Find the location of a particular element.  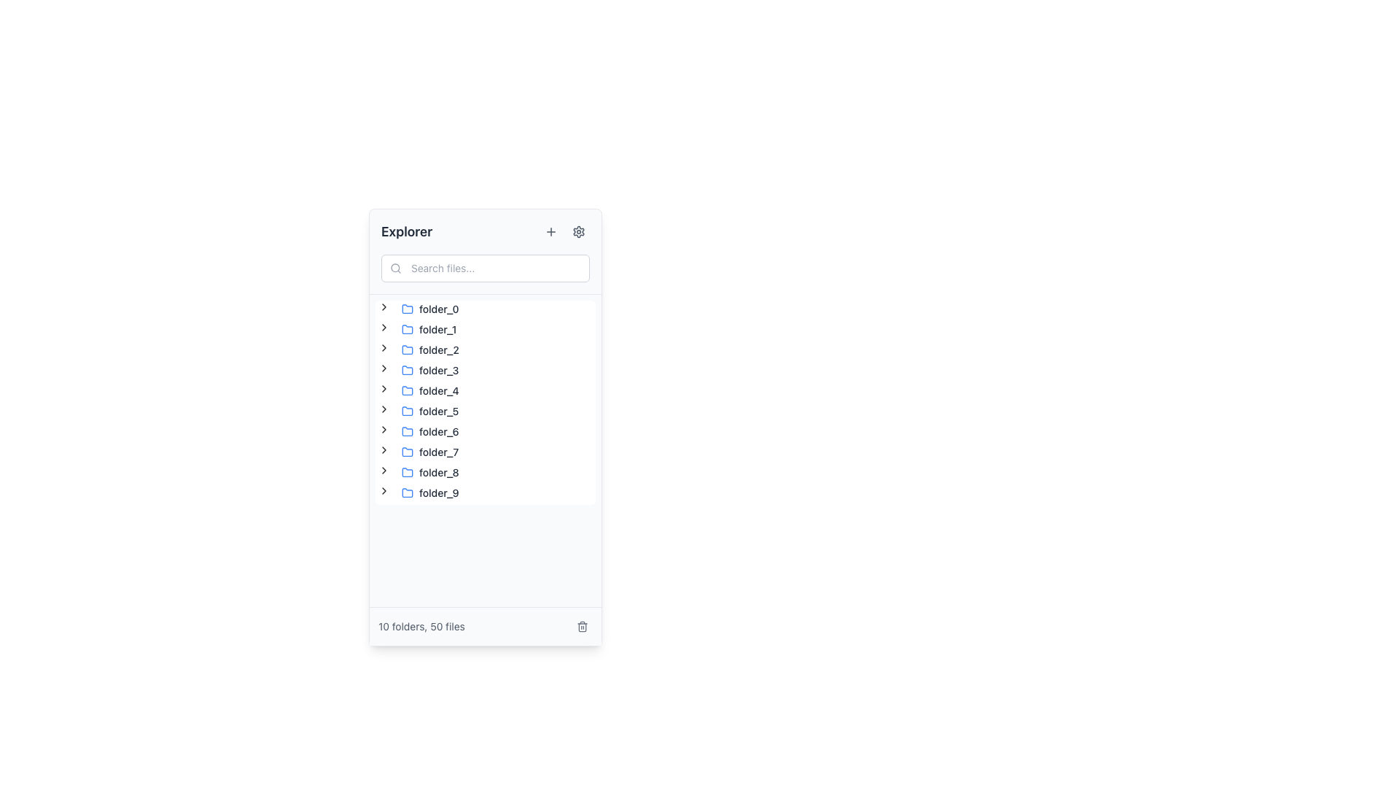

the folder icon adjacent to the label 'folder_1' in the Explorer interface is located at coordinates (407, 329).